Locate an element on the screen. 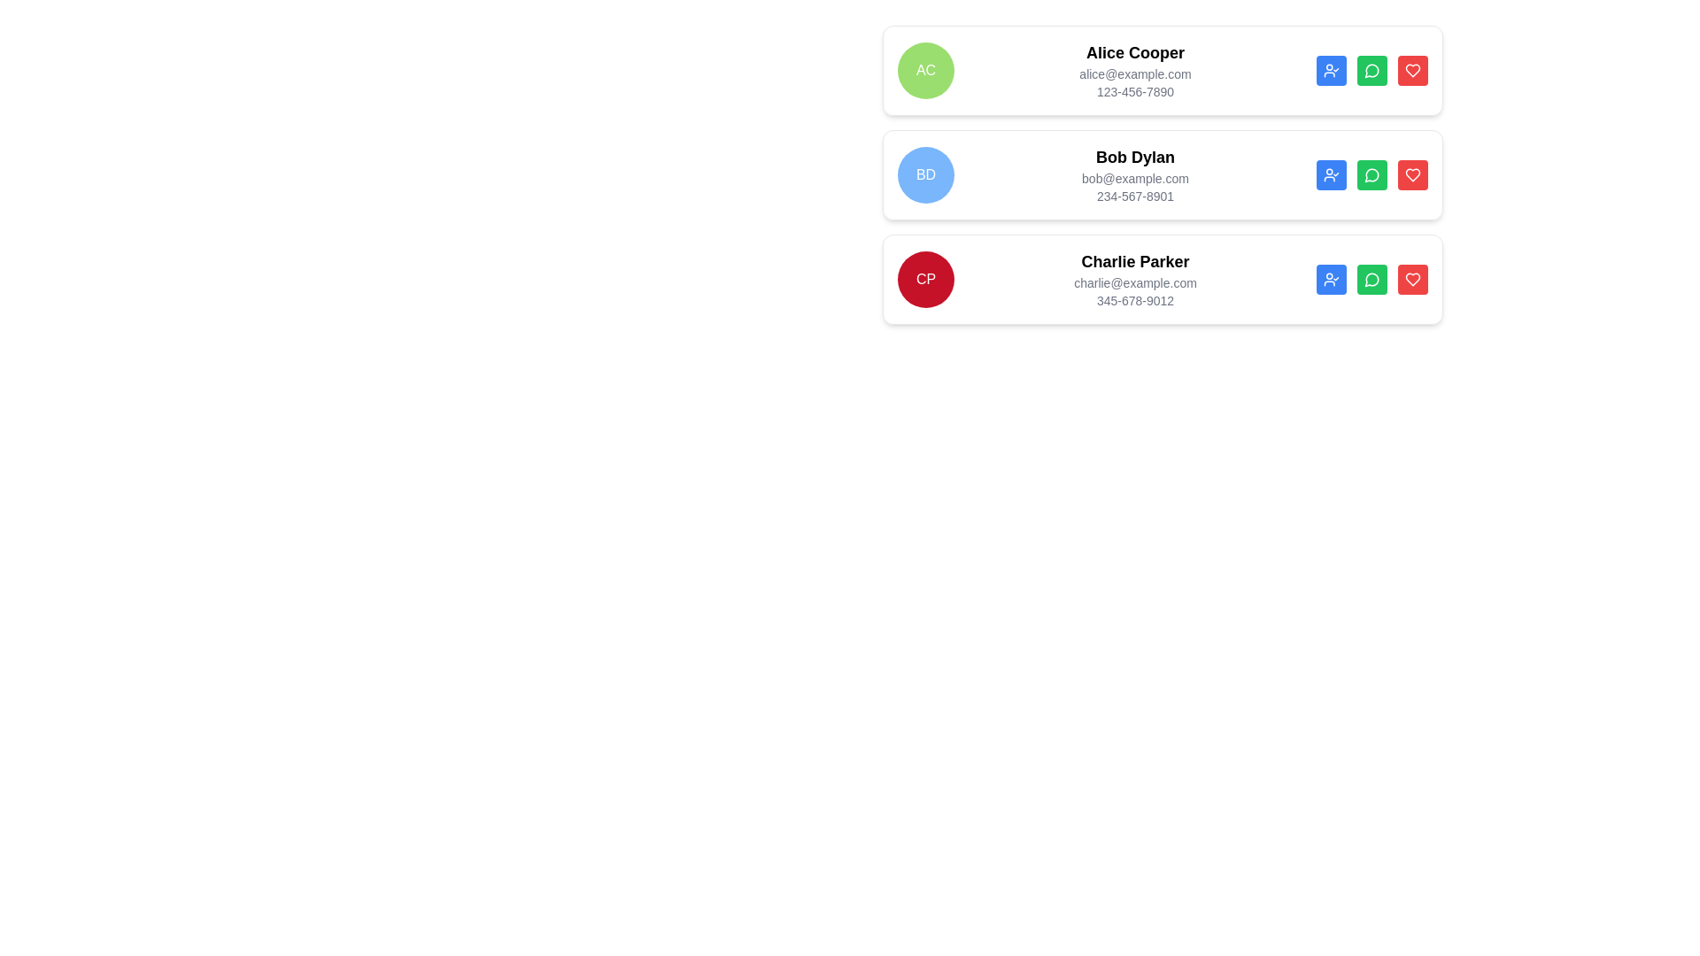  the circular badge displaying the letters 'BD' in white text, which is part of the second card titled 'Bob Dylan' is located at coordinates (925, 174).